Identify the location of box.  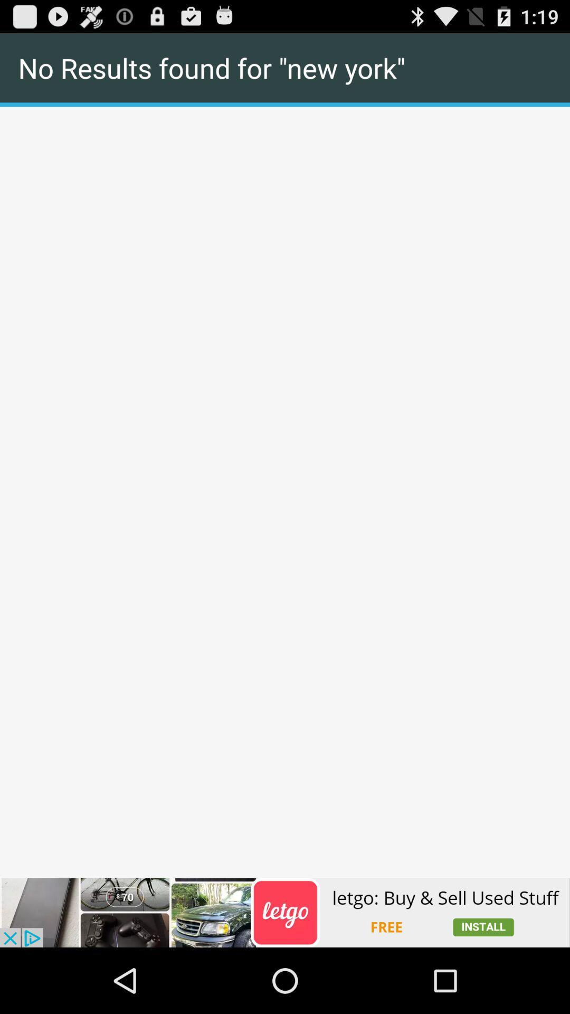
(285, 107).